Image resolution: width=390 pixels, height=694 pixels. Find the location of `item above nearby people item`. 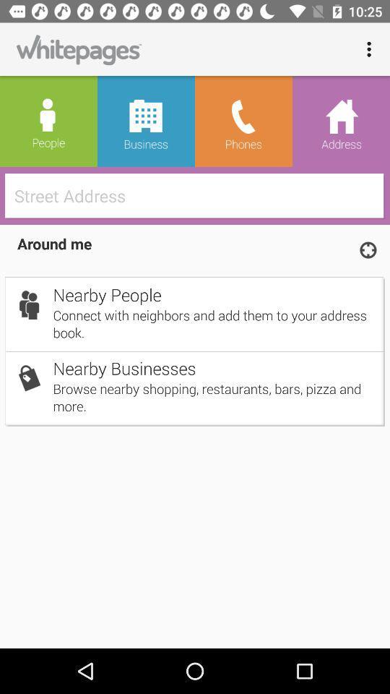

item above nearby people item is located at coordinates (368, 249).